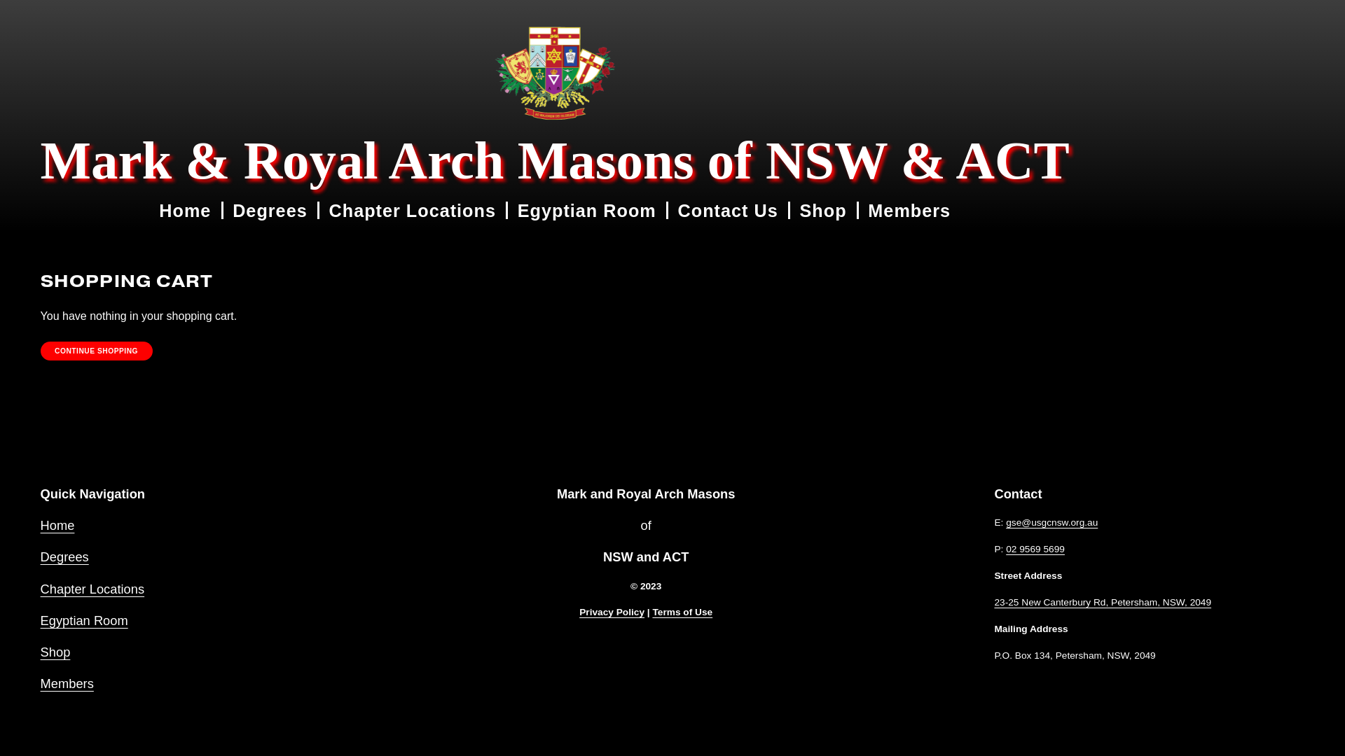 The image size is (1345, 756). What do you see at coordinates (682, 612) in the screenshot?
I see `'Terms of Use'` at bounding box center [682, 612].